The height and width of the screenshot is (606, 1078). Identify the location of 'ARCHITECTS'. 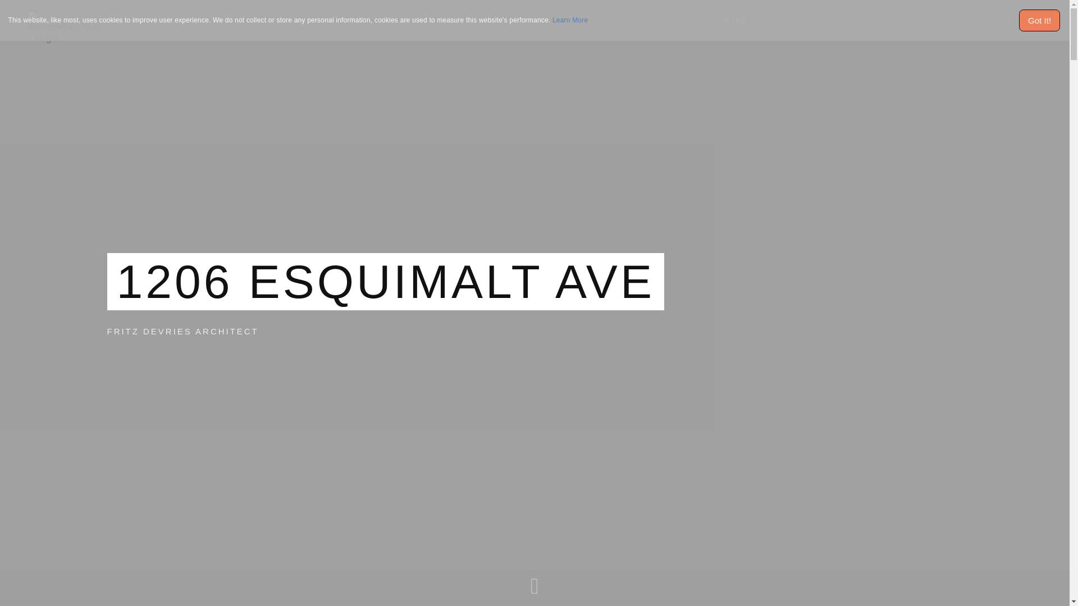
(952, 21).